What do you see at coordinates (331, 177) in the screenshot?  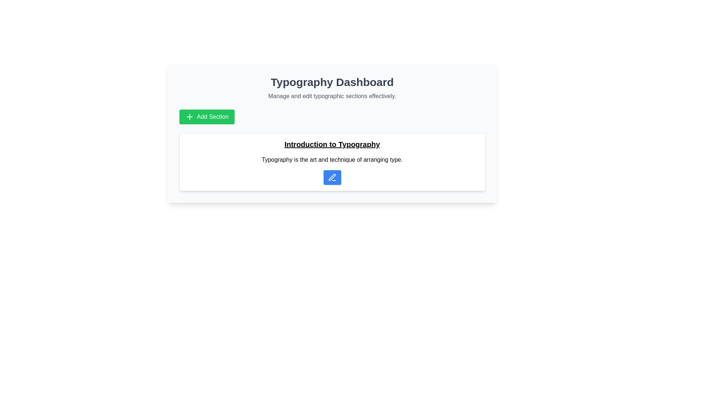 I see `the pen-like icon located adjacent to the text 'Introduction to Typography' in the lower portion of the section` at bounding box center [331, 177].